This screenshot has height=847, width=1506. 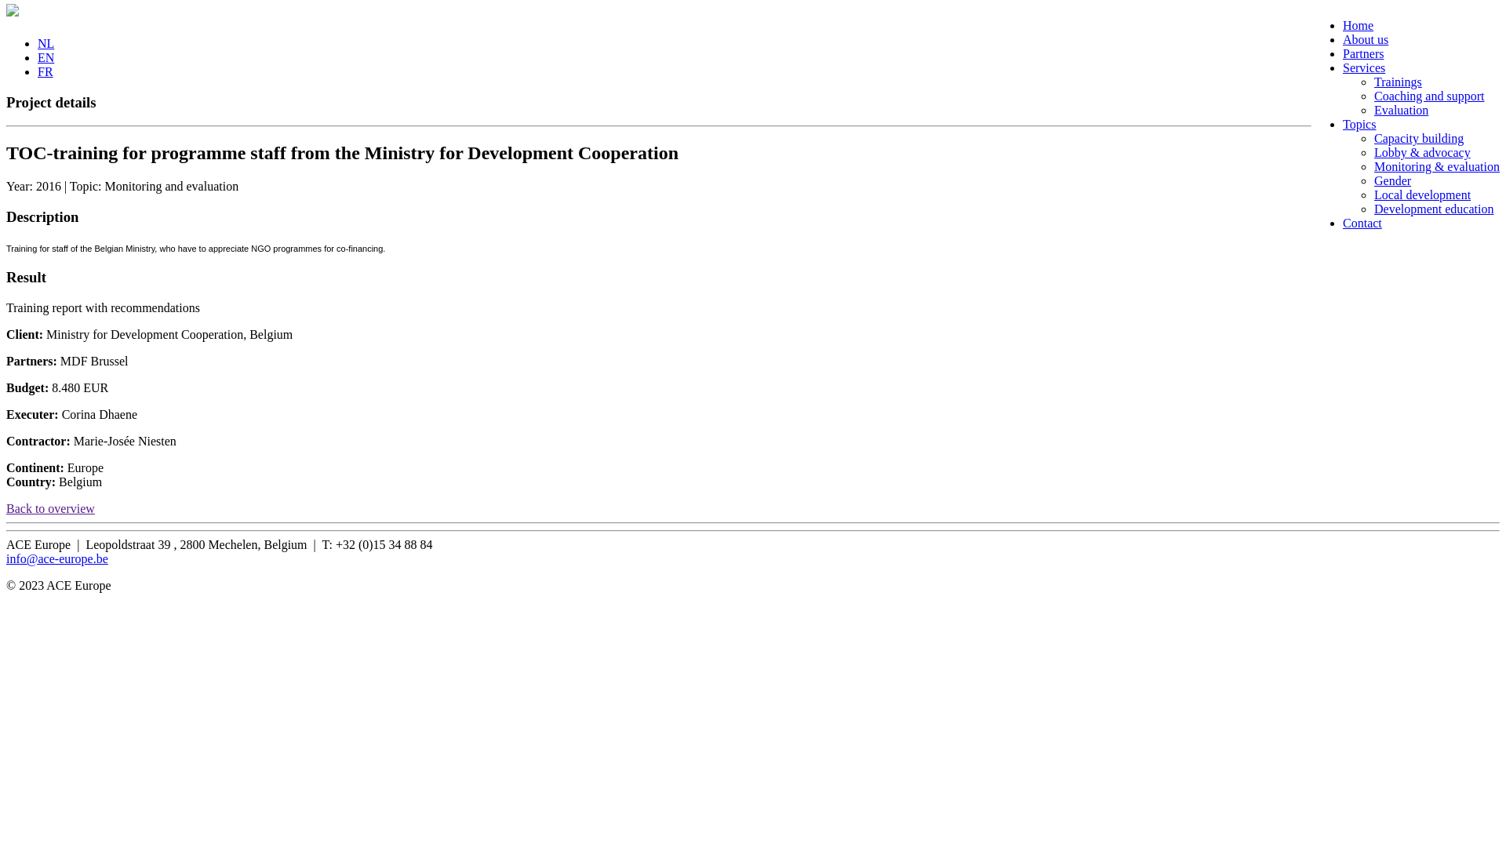 What do you see at coordinates (1422, 152) in the screenshot?
I see `'Lobby & advocacy'` at bounding box center [1422, 152].